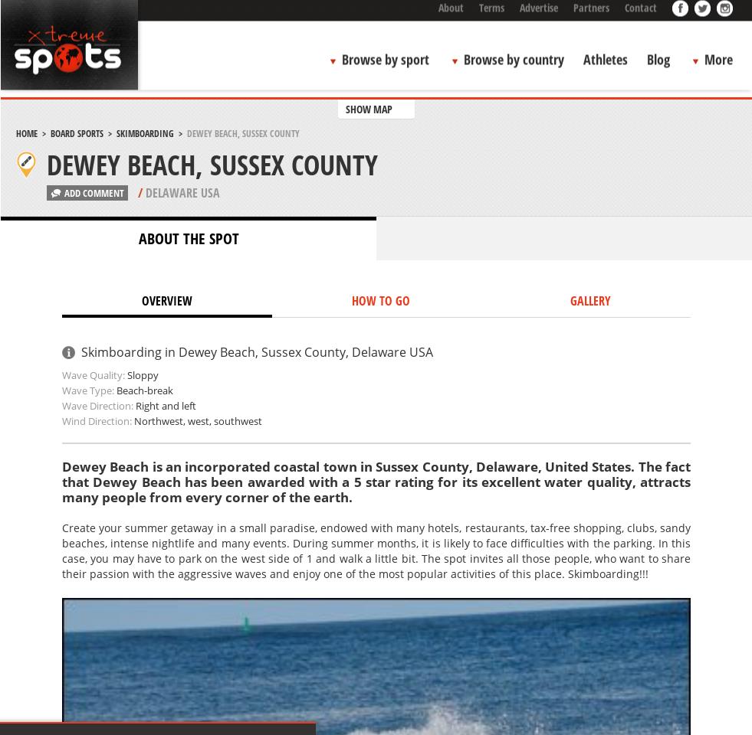  What do you see at coordinates (367, 108) in the screenshot?
I see `'SHOW MAP'` at bounding box center [367, 108].